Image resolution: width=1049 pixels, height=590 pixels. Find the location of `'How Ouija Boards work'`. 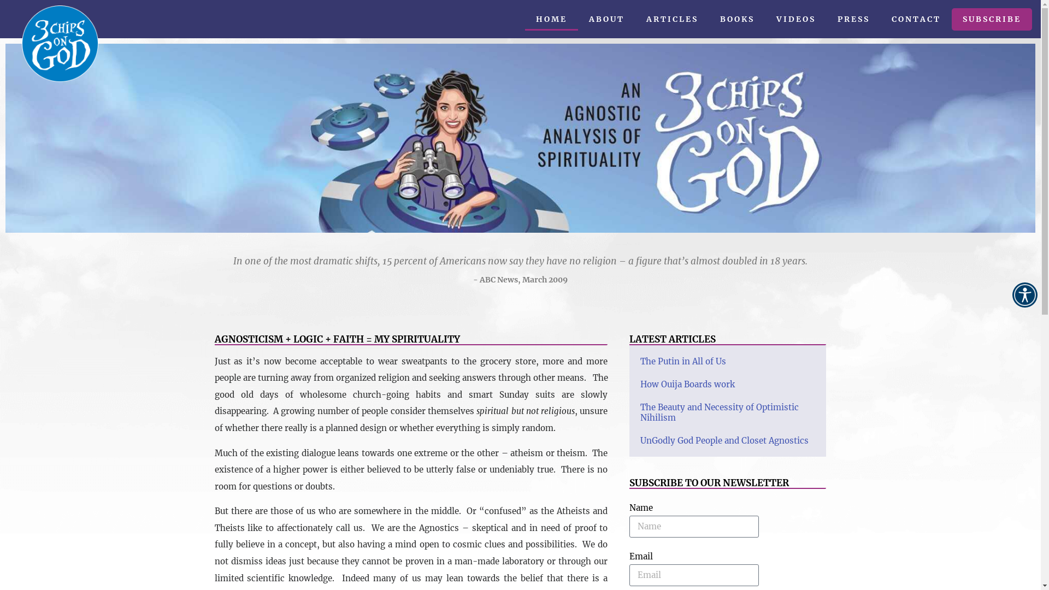

'How Ouija Boards work' is located at coordinates (687, 383).